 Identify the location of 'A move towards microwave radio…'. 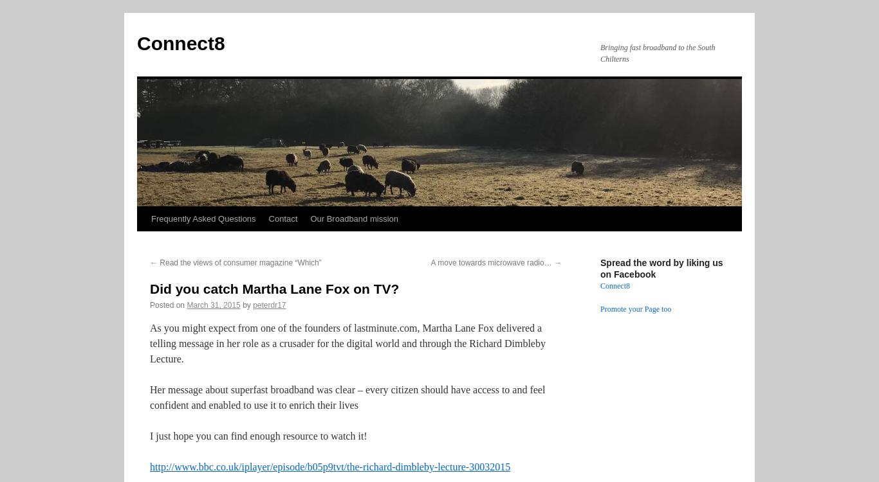
(492, 262).